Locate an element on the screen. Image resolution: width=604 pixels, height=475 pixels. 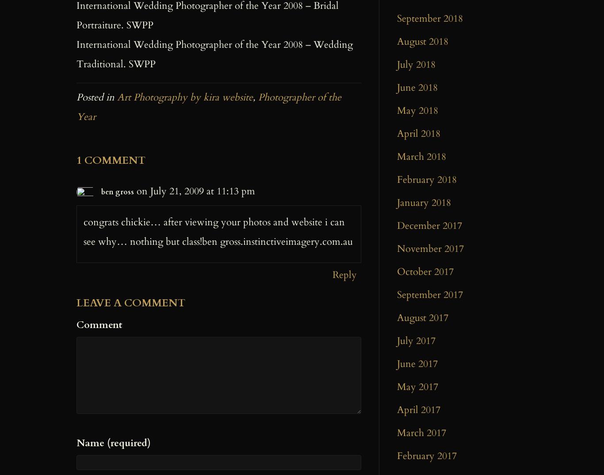
'August 2018' is located at coordinates (423, 41).